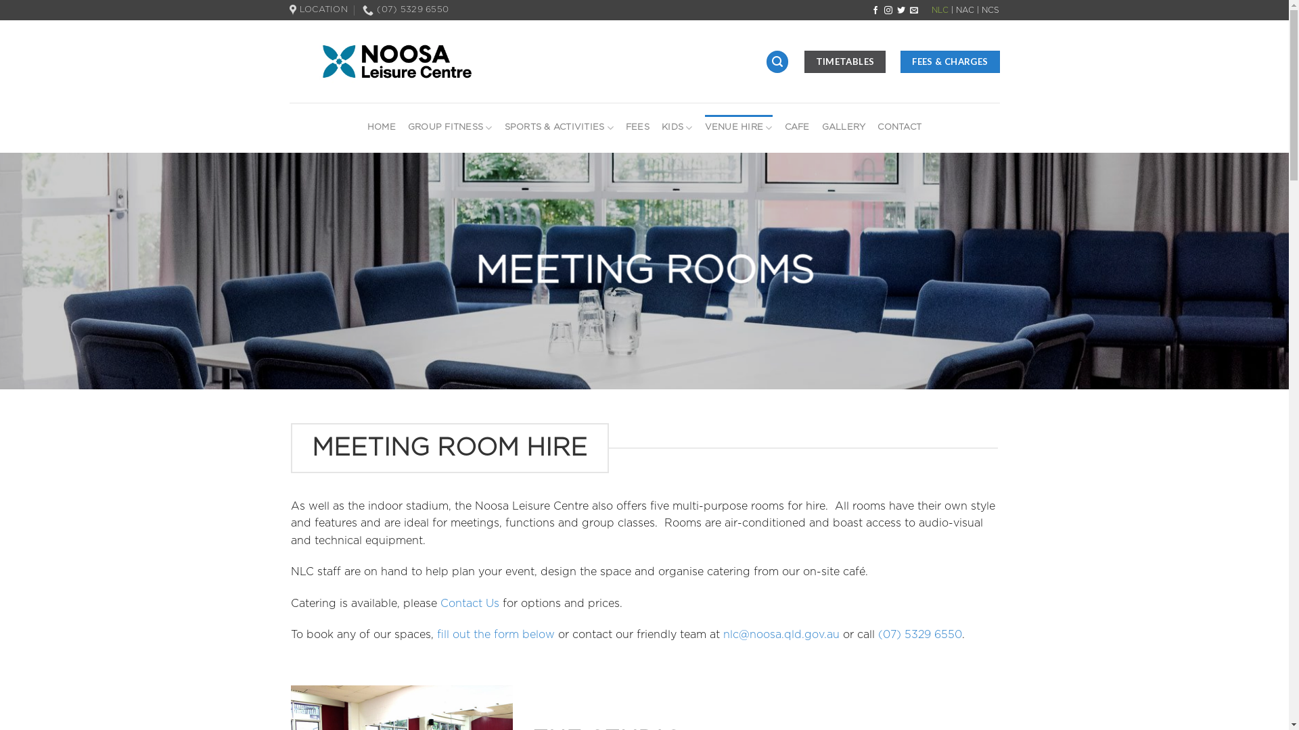  Describe the element at coordinates (913, 10) in the screenshot. I see `'Send us an email'` at that location.